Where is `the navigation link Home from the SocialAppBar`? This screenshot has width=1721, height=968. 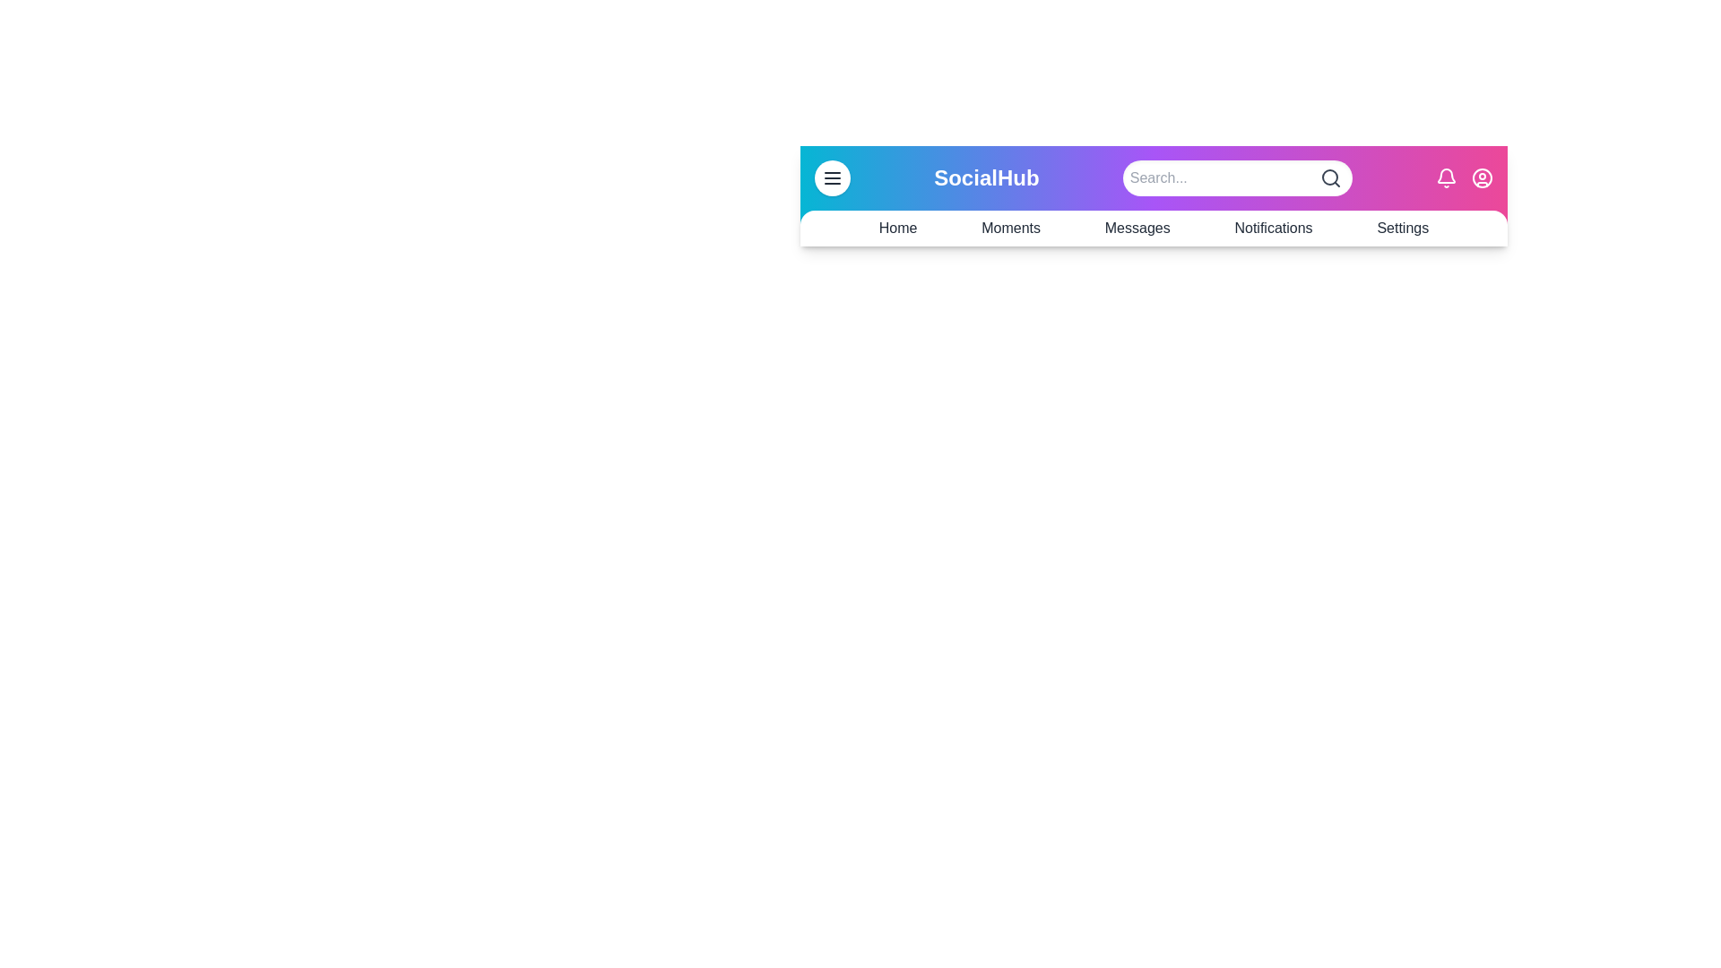
the navigation link Home from the SocialAppBar is located at coordinates (898, 227).